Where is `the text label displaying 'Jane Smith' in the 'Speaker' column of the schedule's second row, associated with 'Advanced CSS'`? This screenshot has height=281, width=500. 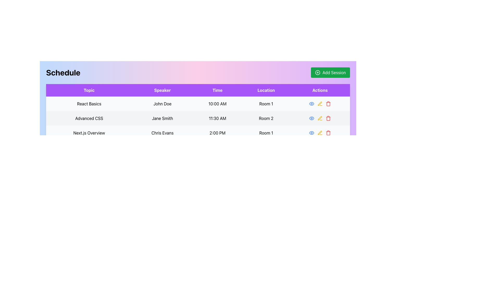
the text label displaying 'Jane Smith' in the 'Speaker' column of the schedule's second row, associated with 'Advanced CSS' is located at coordinates (162, 118).